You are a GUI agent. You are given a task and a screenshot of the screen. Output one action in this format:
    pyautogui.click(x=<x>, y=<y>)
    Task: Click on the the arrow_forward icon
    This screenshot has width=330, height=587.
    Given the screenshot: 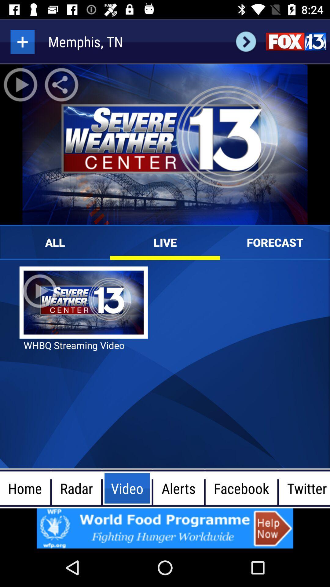 What is the action you would take?
    pyautogui.click(x=246, y=41)
    